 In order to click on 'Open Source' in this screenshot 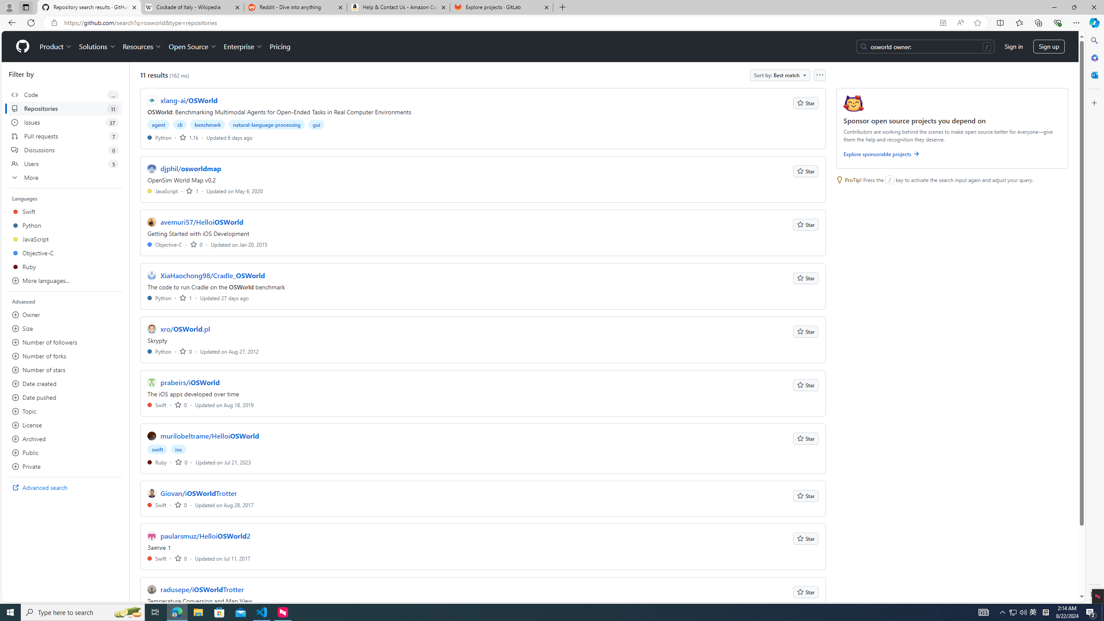, I will do `click(193, 46)`.